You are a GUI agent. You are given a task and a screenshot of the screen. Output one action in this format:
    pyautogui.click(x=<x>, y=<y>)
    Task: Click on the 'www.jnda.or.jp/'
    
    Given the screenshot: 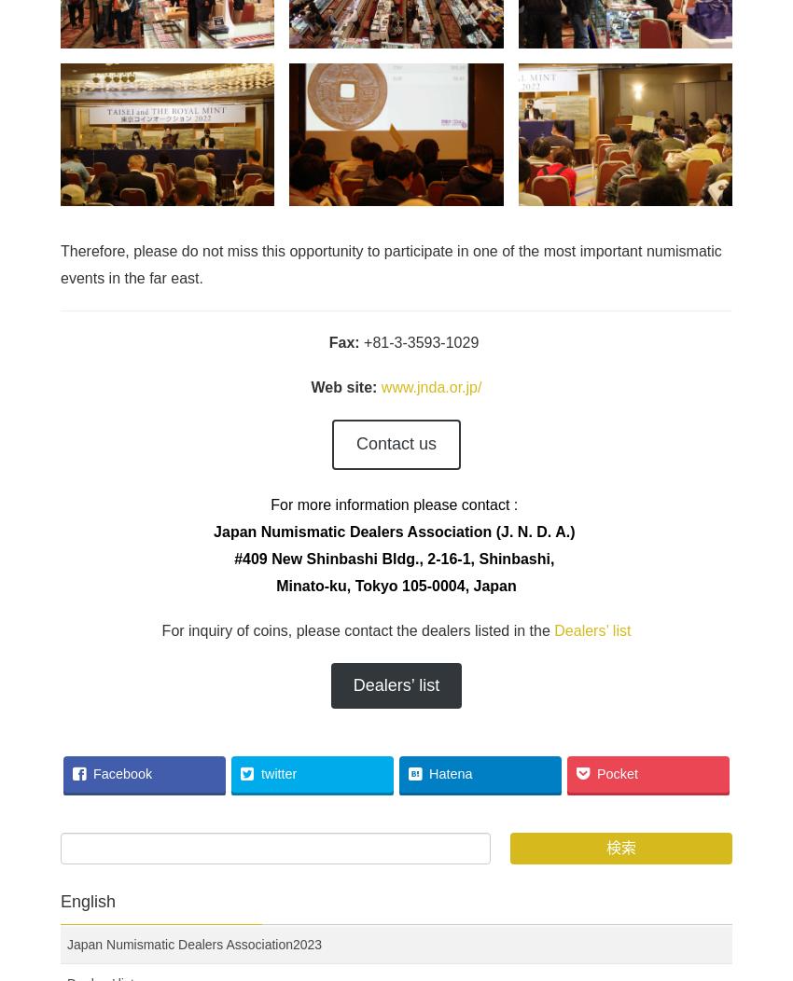 What is the action you would take?
    pyautogui.click(x=429, y=386)
    